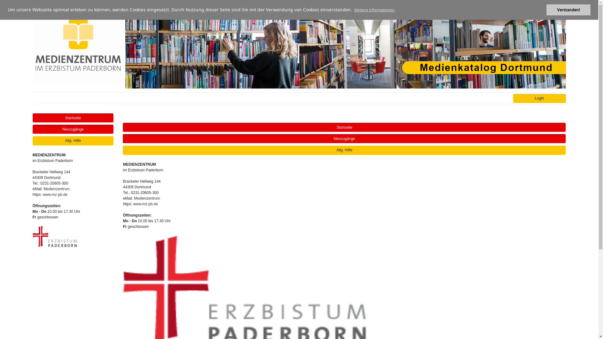 Image resolution: width=603 pixels, height=339 pixels. Describe the element at coordinates (55, 236) in the screenshot. I see `'Erzbistum Paderborn'` at that location.